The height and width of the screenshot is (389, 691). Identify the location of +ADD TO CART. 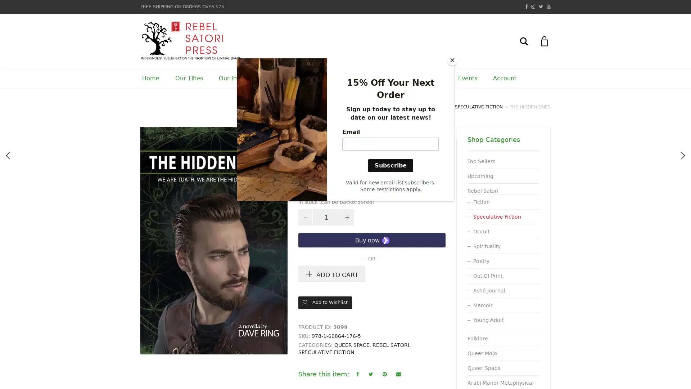
(331, 274).